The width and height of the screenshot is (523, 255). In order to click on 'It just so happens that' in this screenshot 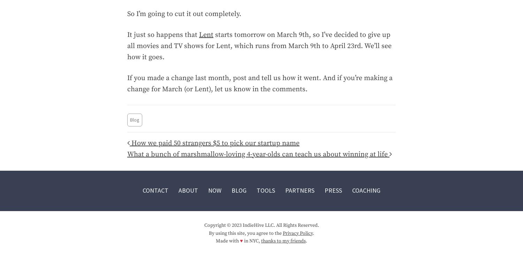, I will do `click(127, 34)`.